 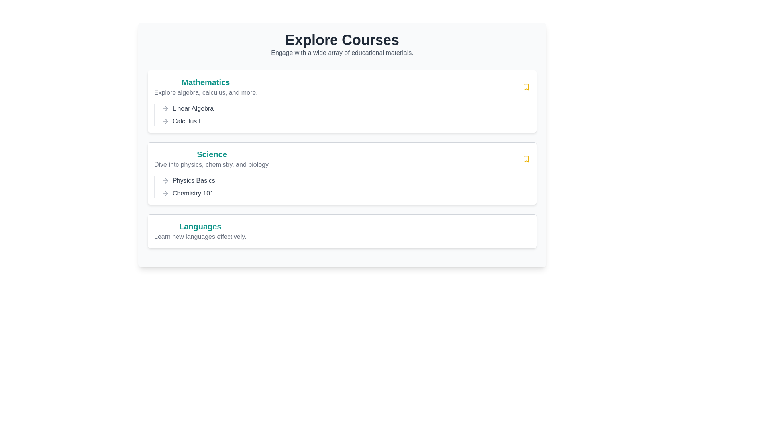 I want to click on the 'Mathematics' hyperlink, which is displayed in bold teal font and is the first header in the 'Explore Courses' section, so click(x=206, y=82).